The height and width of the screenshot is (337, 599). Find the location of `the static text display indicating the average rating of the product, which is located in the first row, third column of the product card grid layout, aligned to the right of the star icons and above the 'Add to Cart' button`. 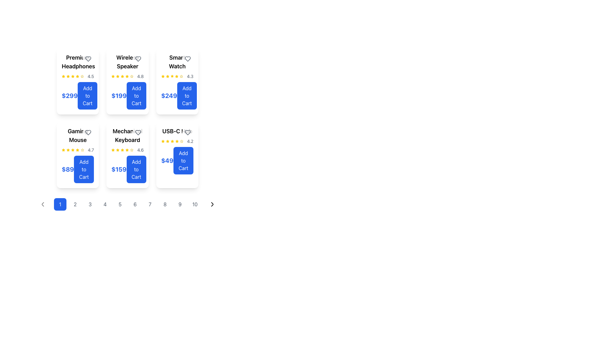

the static text display indicating the average rating of the product, which is located in the first row, third column of the product card grid layout, aligned to the right of the star icons and above the 'Add to Cart' button is located at coordinates (190, 76).